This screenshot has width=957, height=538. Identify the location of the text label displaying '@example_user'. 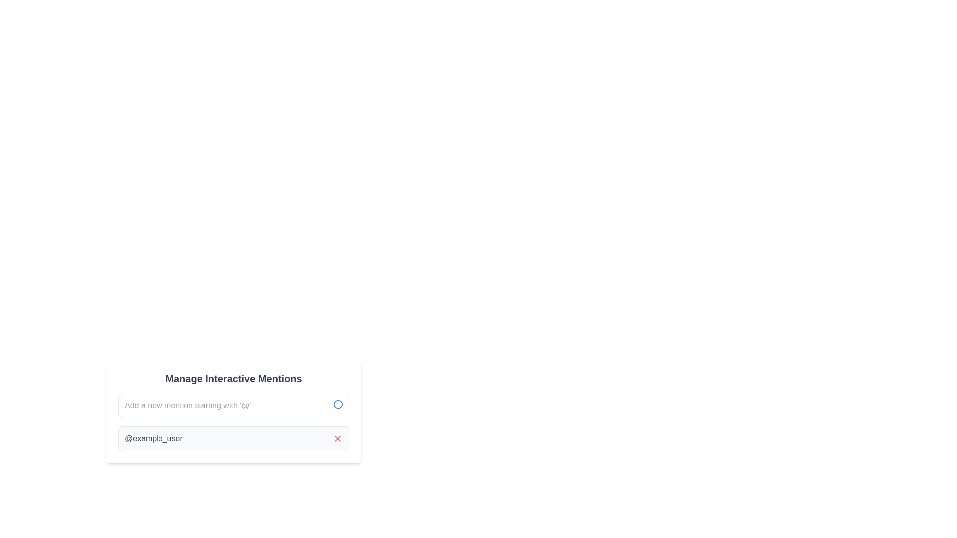
(153, 438).